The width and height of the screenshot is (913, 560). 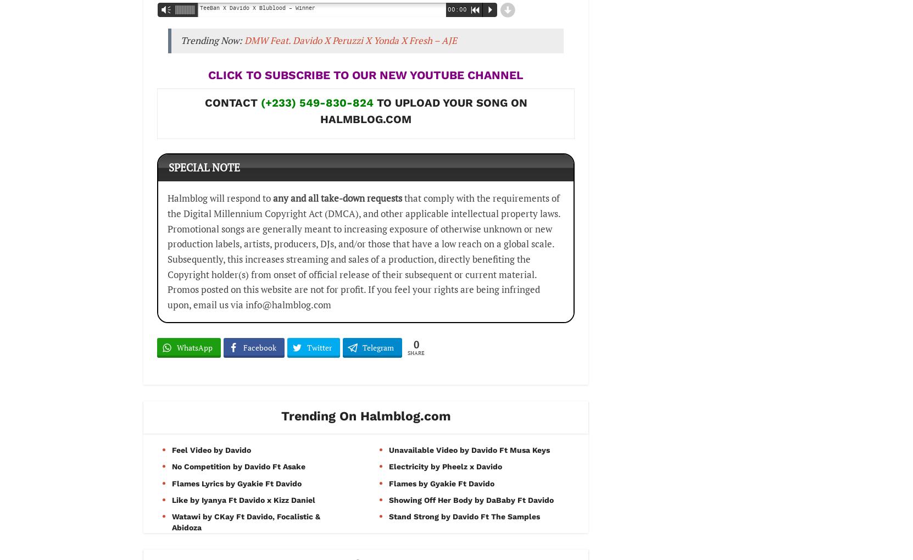 What do you see at coordinates (166, 9) in the screenshot?
I see `'Vm'` at bounding box center [166, 9].